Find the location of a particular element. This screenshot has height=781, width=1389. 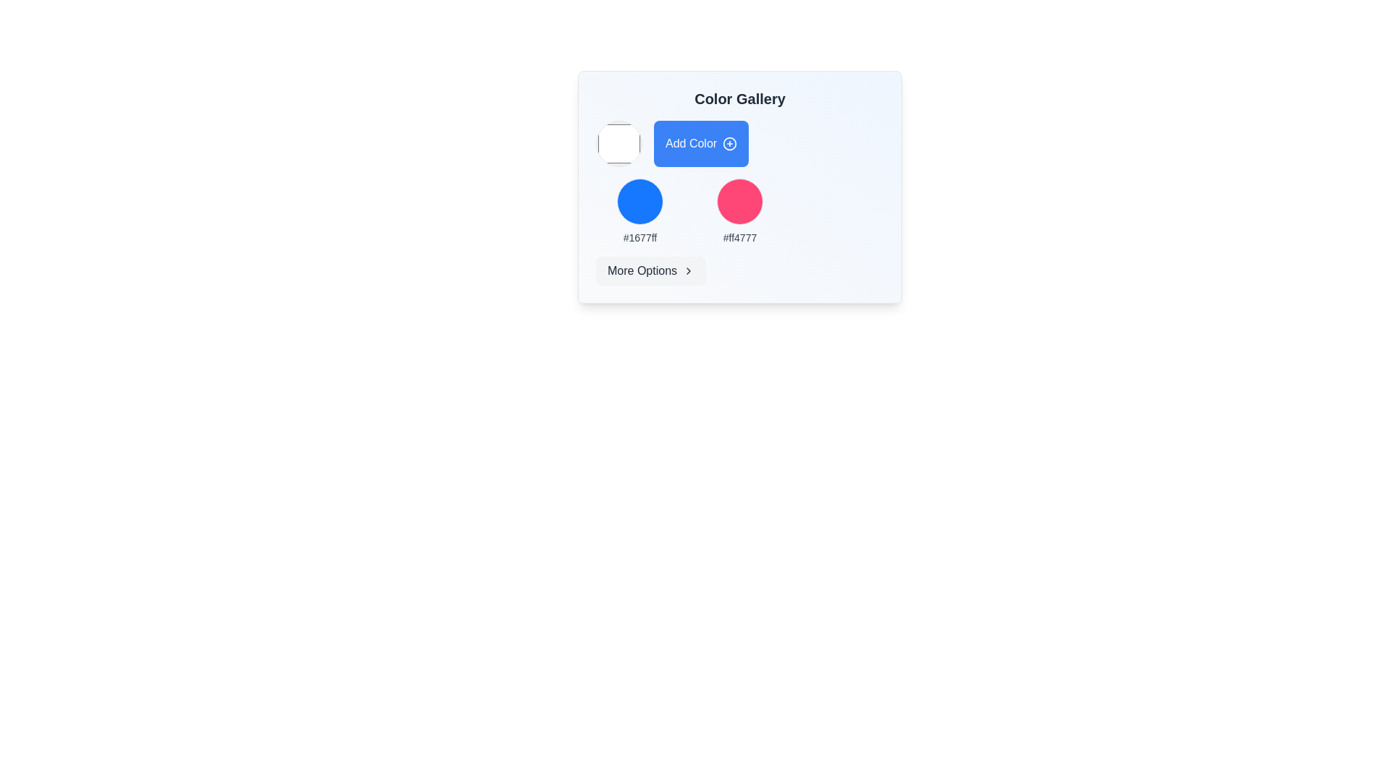

the color picker or indicator, which is the first component in a horizontal row is located at coordinates (619, 144).